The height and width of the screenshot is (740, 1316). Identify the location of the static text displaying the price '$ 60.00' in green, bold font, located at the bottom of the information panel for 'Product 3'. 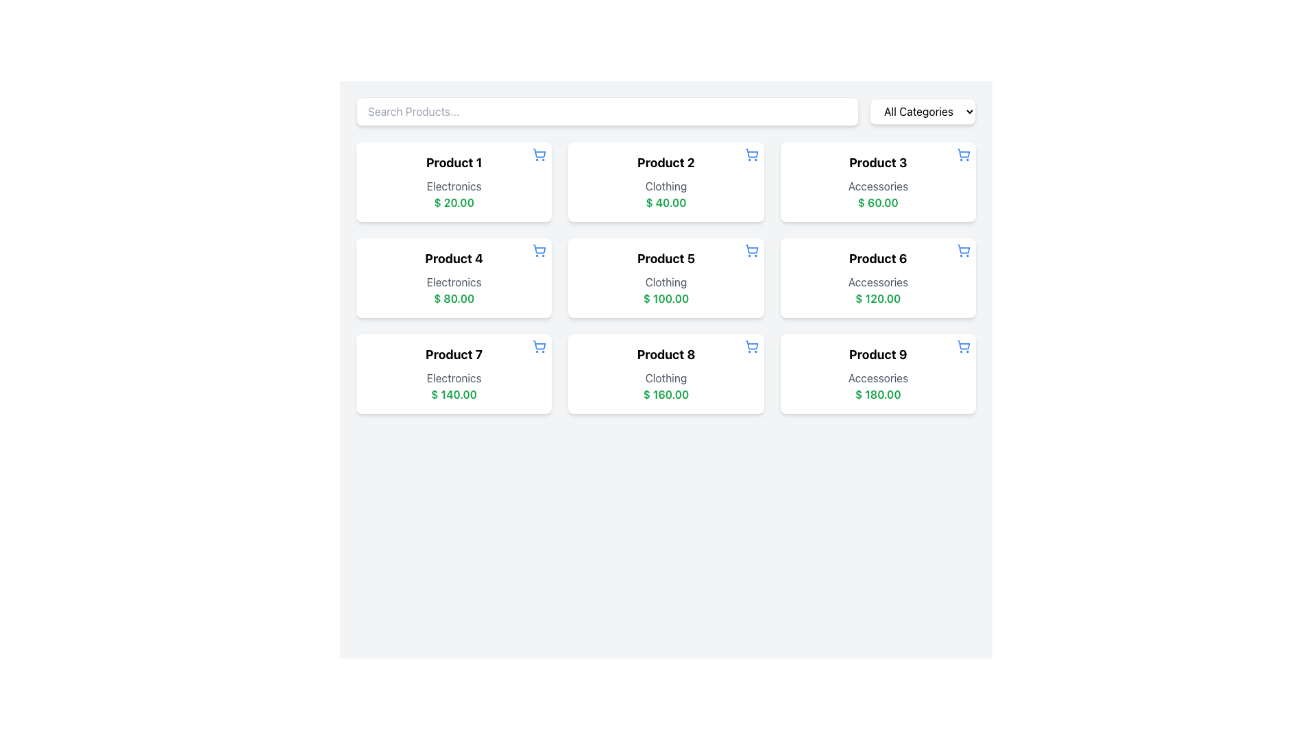
(878, 203).